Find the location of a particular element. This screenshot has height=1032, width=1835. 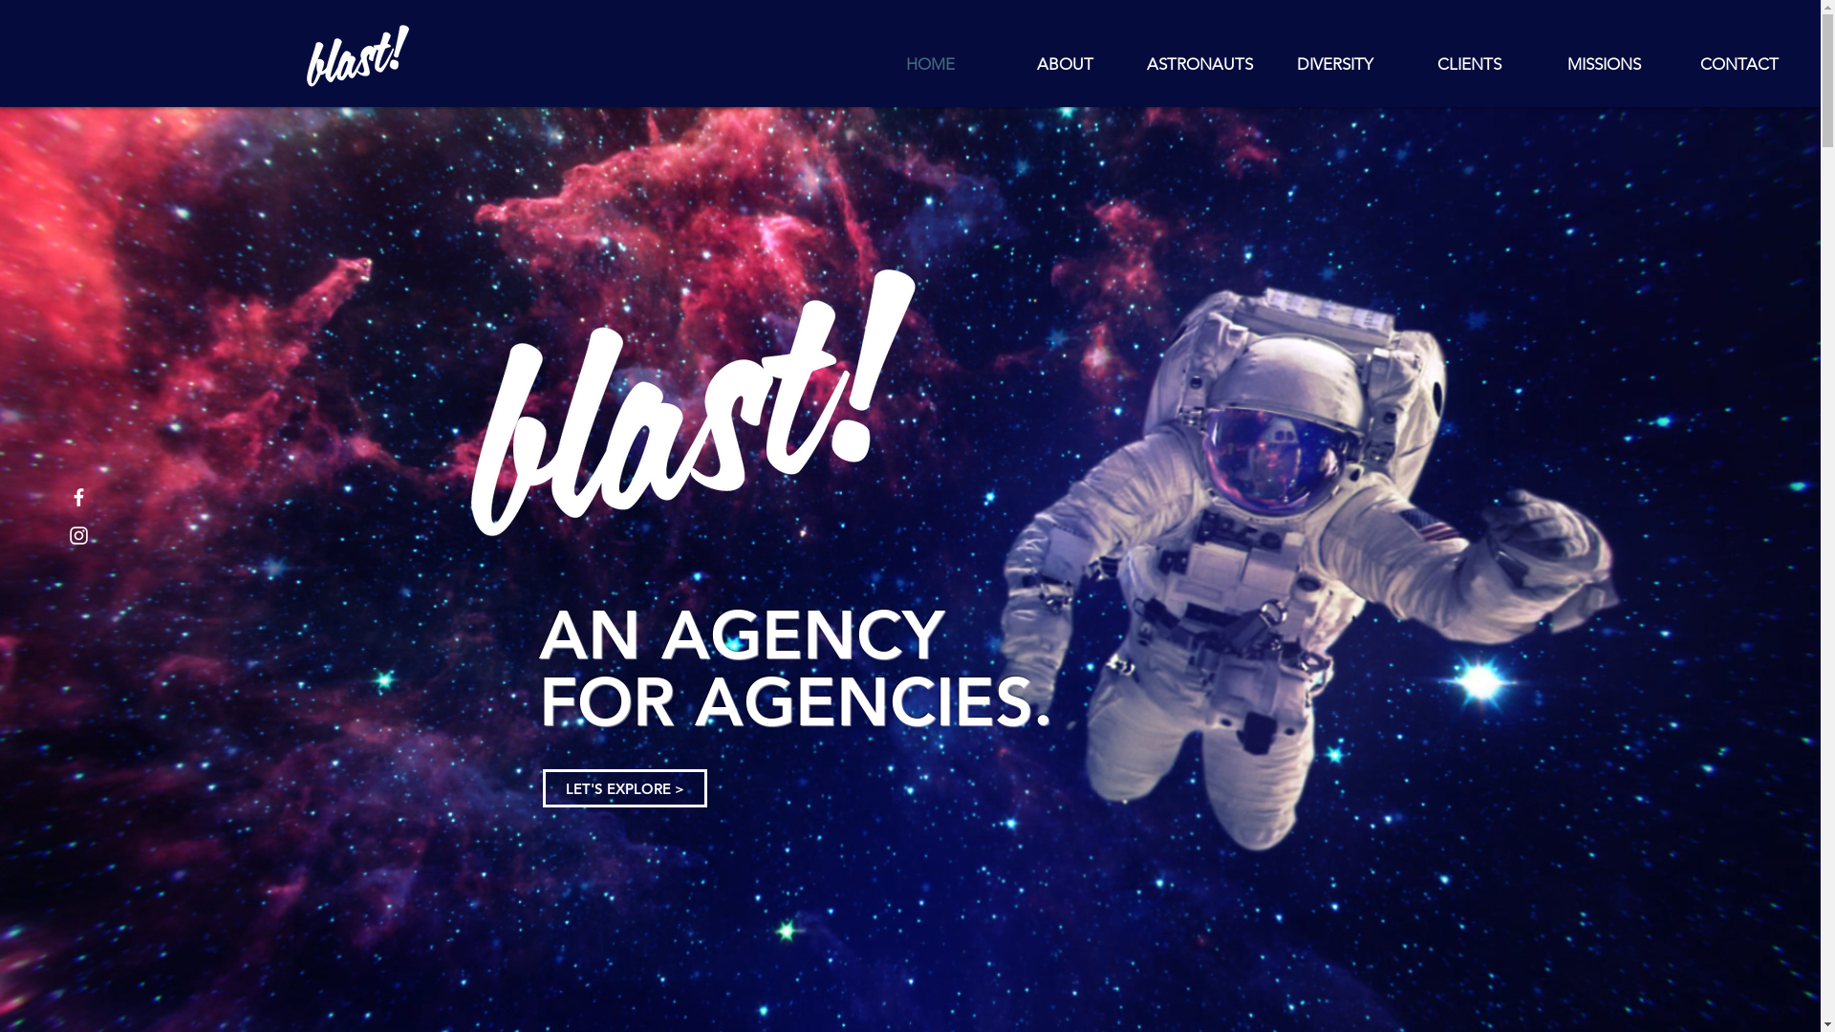

'CLIENTS' is located at coordinates (1468, 62).